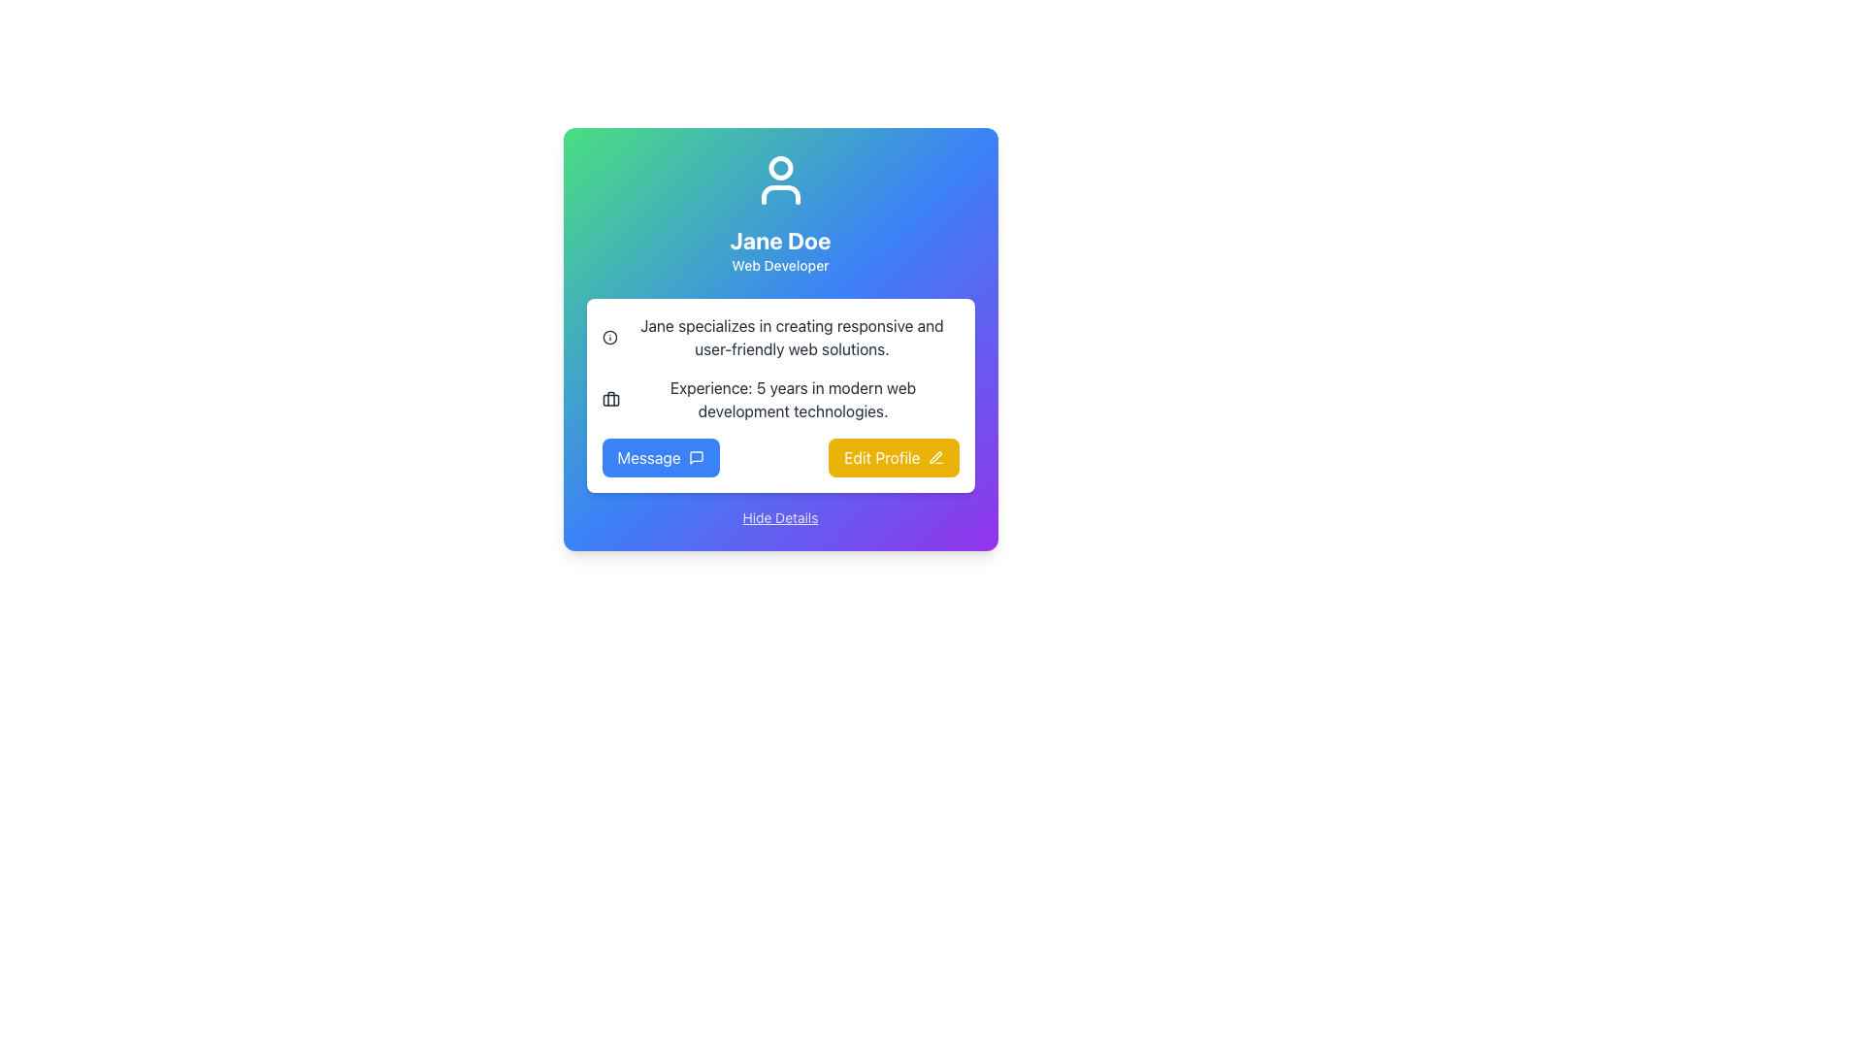 Image resolution: width=1863 pixels, height=1048 pixels. What do you see at coordinates (780, 180) in the screenshot?
I see `the decorative user profile icon located above the name 'Jane Doe' and the title 'Web Developer' in the profile card` at bounding box center [780, 180].